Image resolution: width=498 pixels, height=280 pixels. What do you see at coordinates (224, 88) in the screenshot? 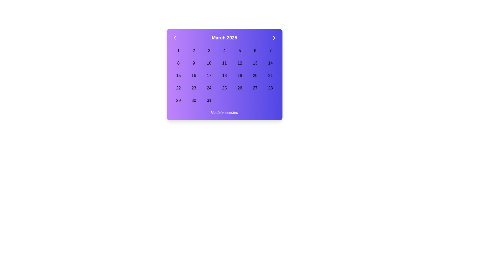
I see `the circular button labeled '25' in the calendar grid` at bounding box center [224, 88].